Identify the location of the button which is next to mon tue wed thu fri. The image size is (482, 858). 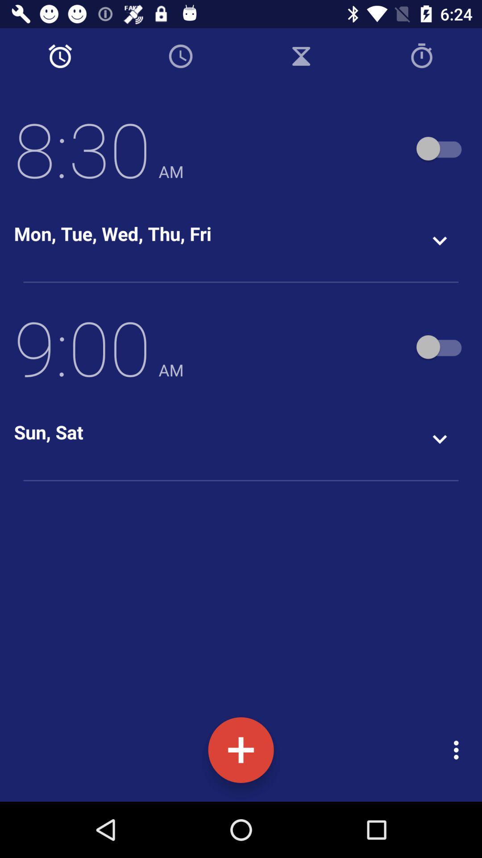
(440, 240).